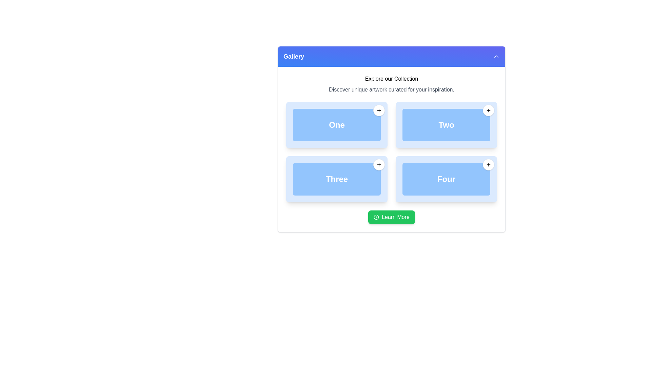 The height and width of the screenshot is (366, 651). I want to click on the Text Label that serves as a title for the section, located at the top-left corner of the header bar with 'Gallery' text, so click(294, 56).